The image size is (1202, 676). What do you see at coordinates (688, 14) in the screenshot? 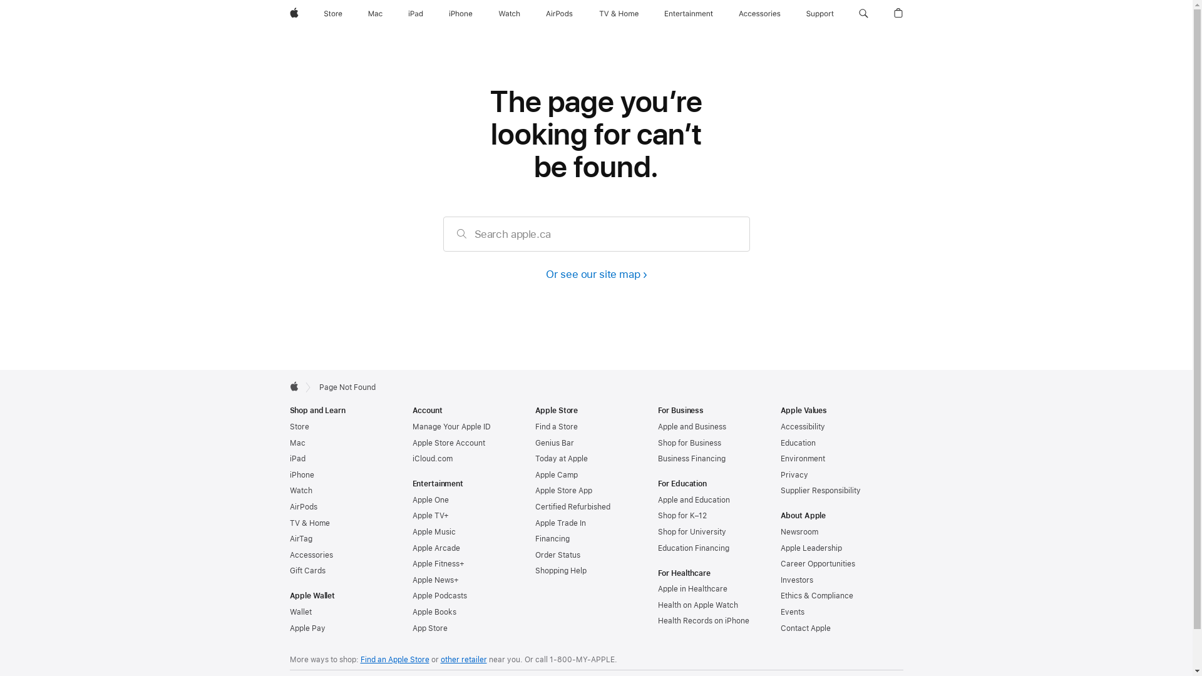
I see `'Entertainment'` at bounding box center [688, 14].